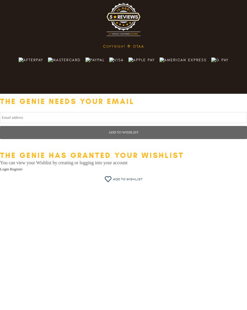  What do you see at coordinates (127, 179) in the screenshot?
I see `'Add to Wishlist'` at bounding box center [127, 179].